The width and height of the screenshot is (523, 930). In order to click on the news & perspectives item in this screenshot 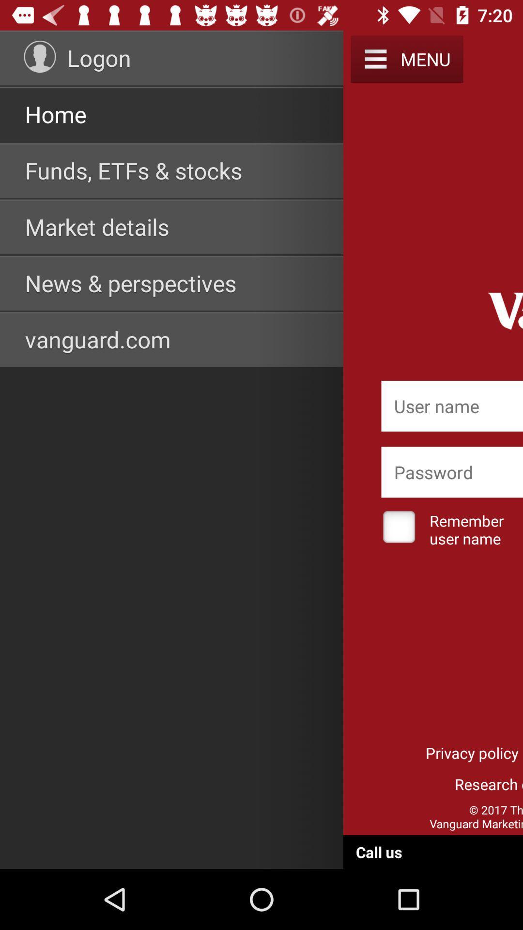, I will do `click(131, 282)`.